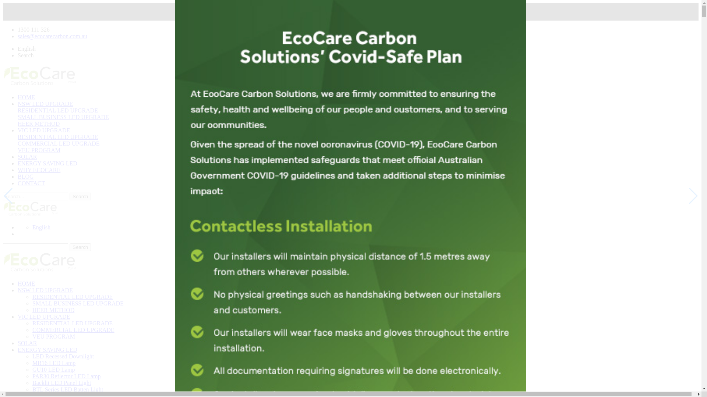 The image size is (707, 397). Describe the element at coordinates (47, 163) in the screenshot. I see `'ENERGY SAVING LED'` at that location.